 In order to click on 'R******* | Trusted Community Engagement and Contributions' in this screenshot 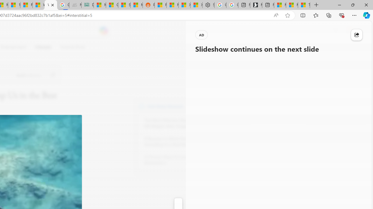, I will do `click(161, 5)`.